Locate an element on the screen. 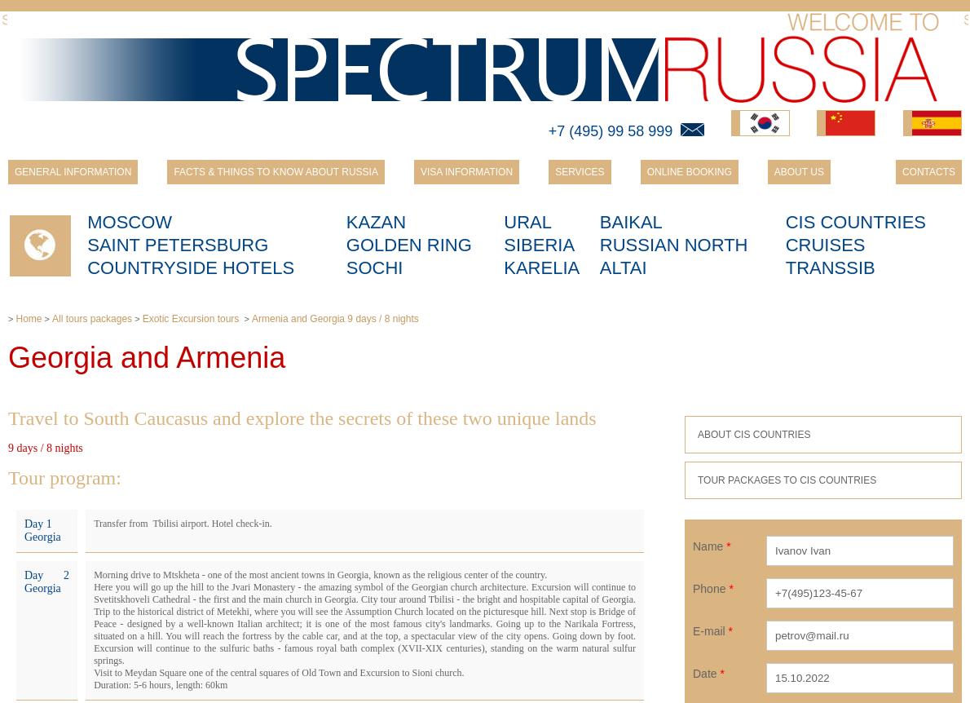 The image size is (970, 703). 'Moscow' is located at coordinates (86, 221).